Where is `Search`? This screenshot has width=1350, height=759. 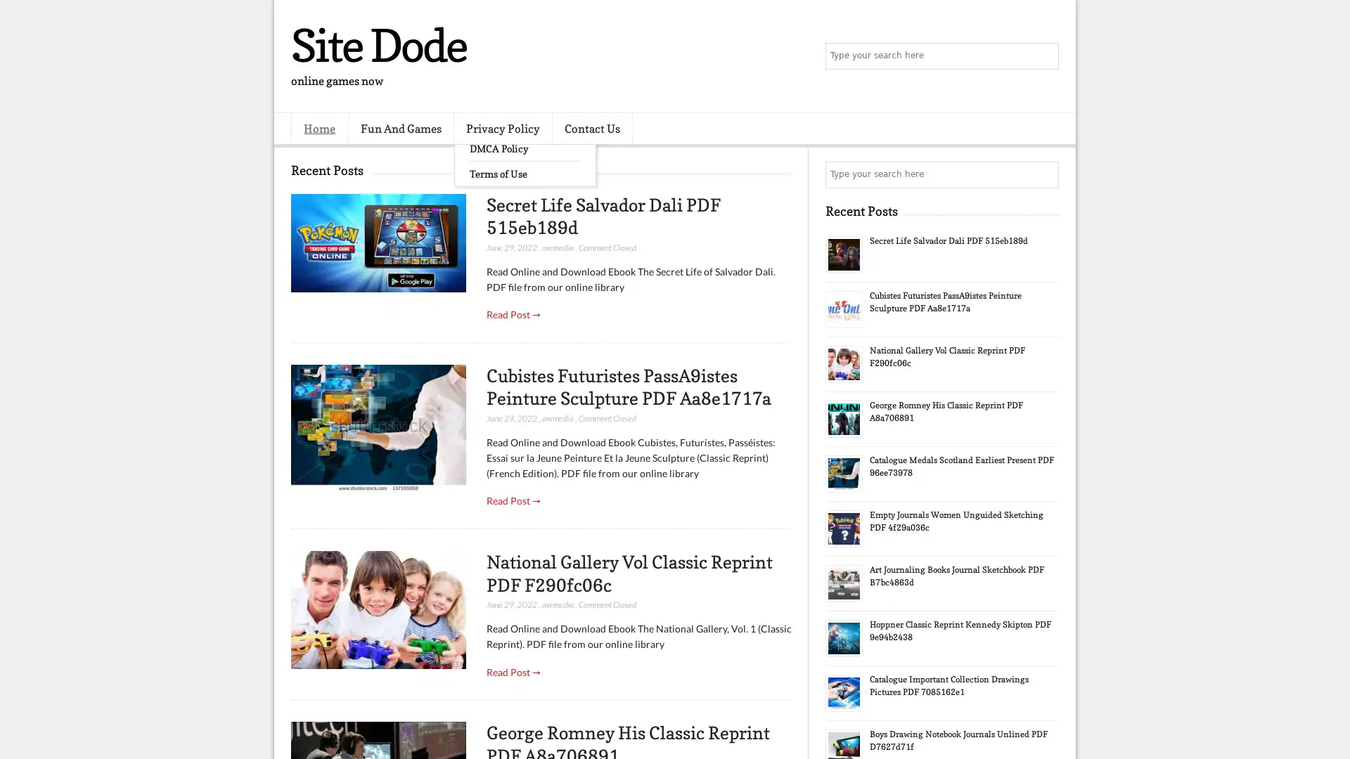 Search is located at coordinates (1044, 56).